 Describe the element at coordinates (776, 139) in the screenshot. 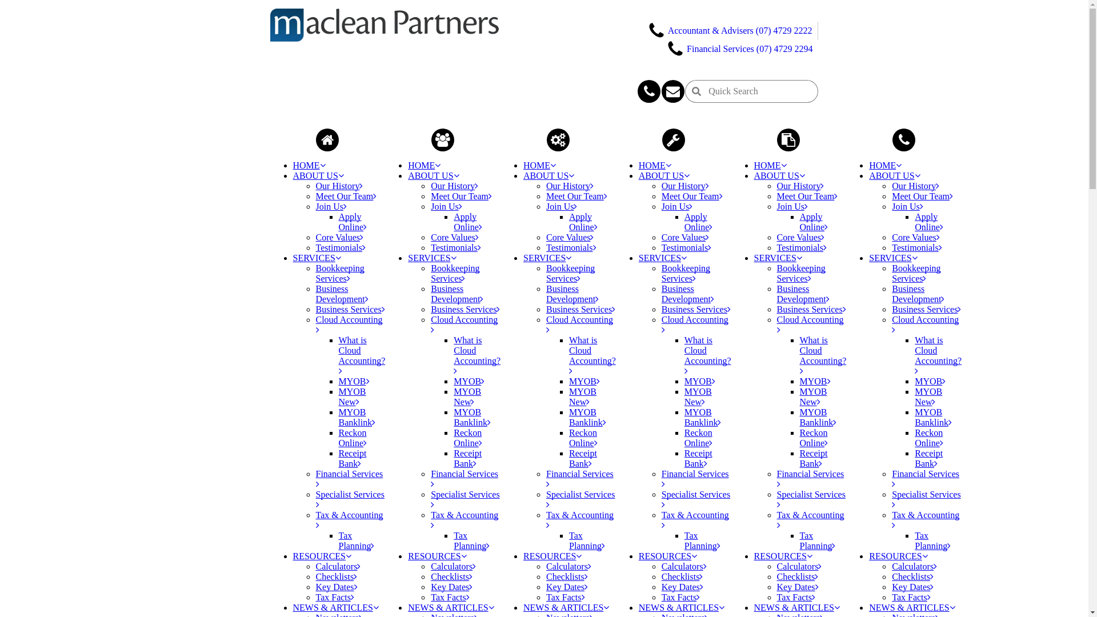

I see `'news___articles'` at that location.